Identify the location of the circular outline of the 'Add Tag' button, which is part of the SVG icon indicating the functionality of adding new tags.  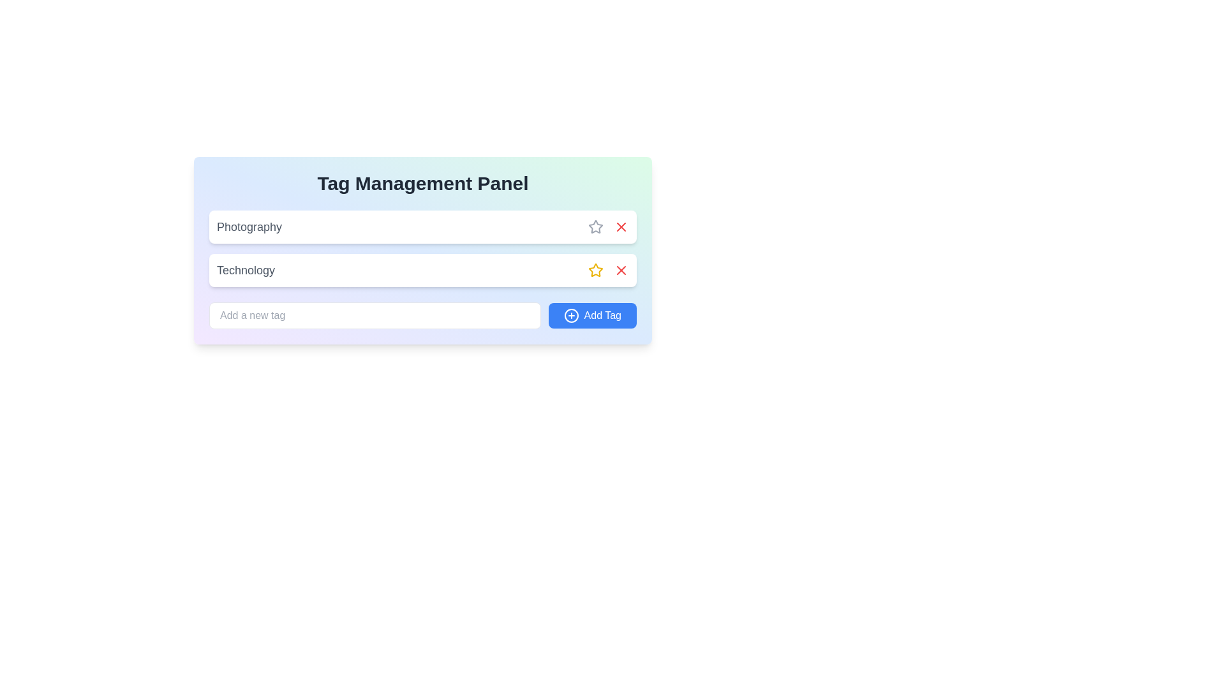
(570, 315).